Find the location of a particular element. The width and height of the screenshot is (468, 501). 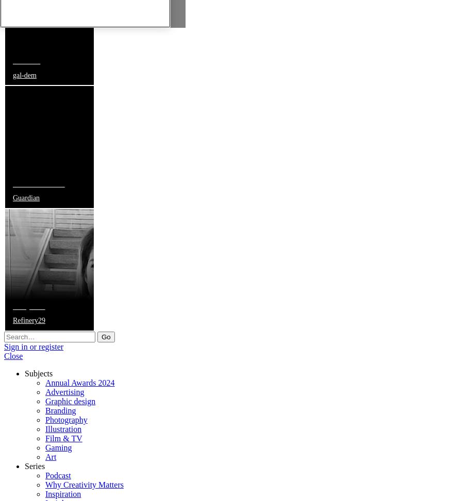

'Sign in or register' is located at coordinates (34, 345).